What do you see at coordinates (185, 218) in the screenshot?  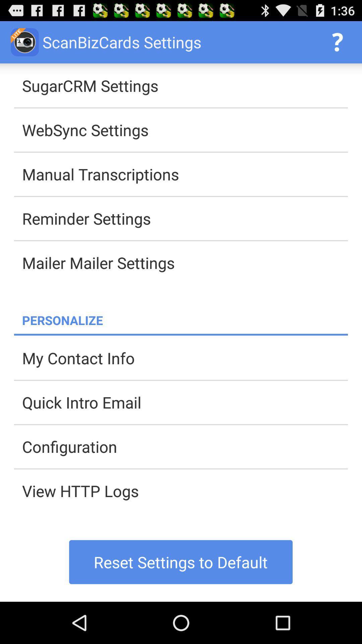 I see `item below manual transcriptions` at bounding box center [185, 218].